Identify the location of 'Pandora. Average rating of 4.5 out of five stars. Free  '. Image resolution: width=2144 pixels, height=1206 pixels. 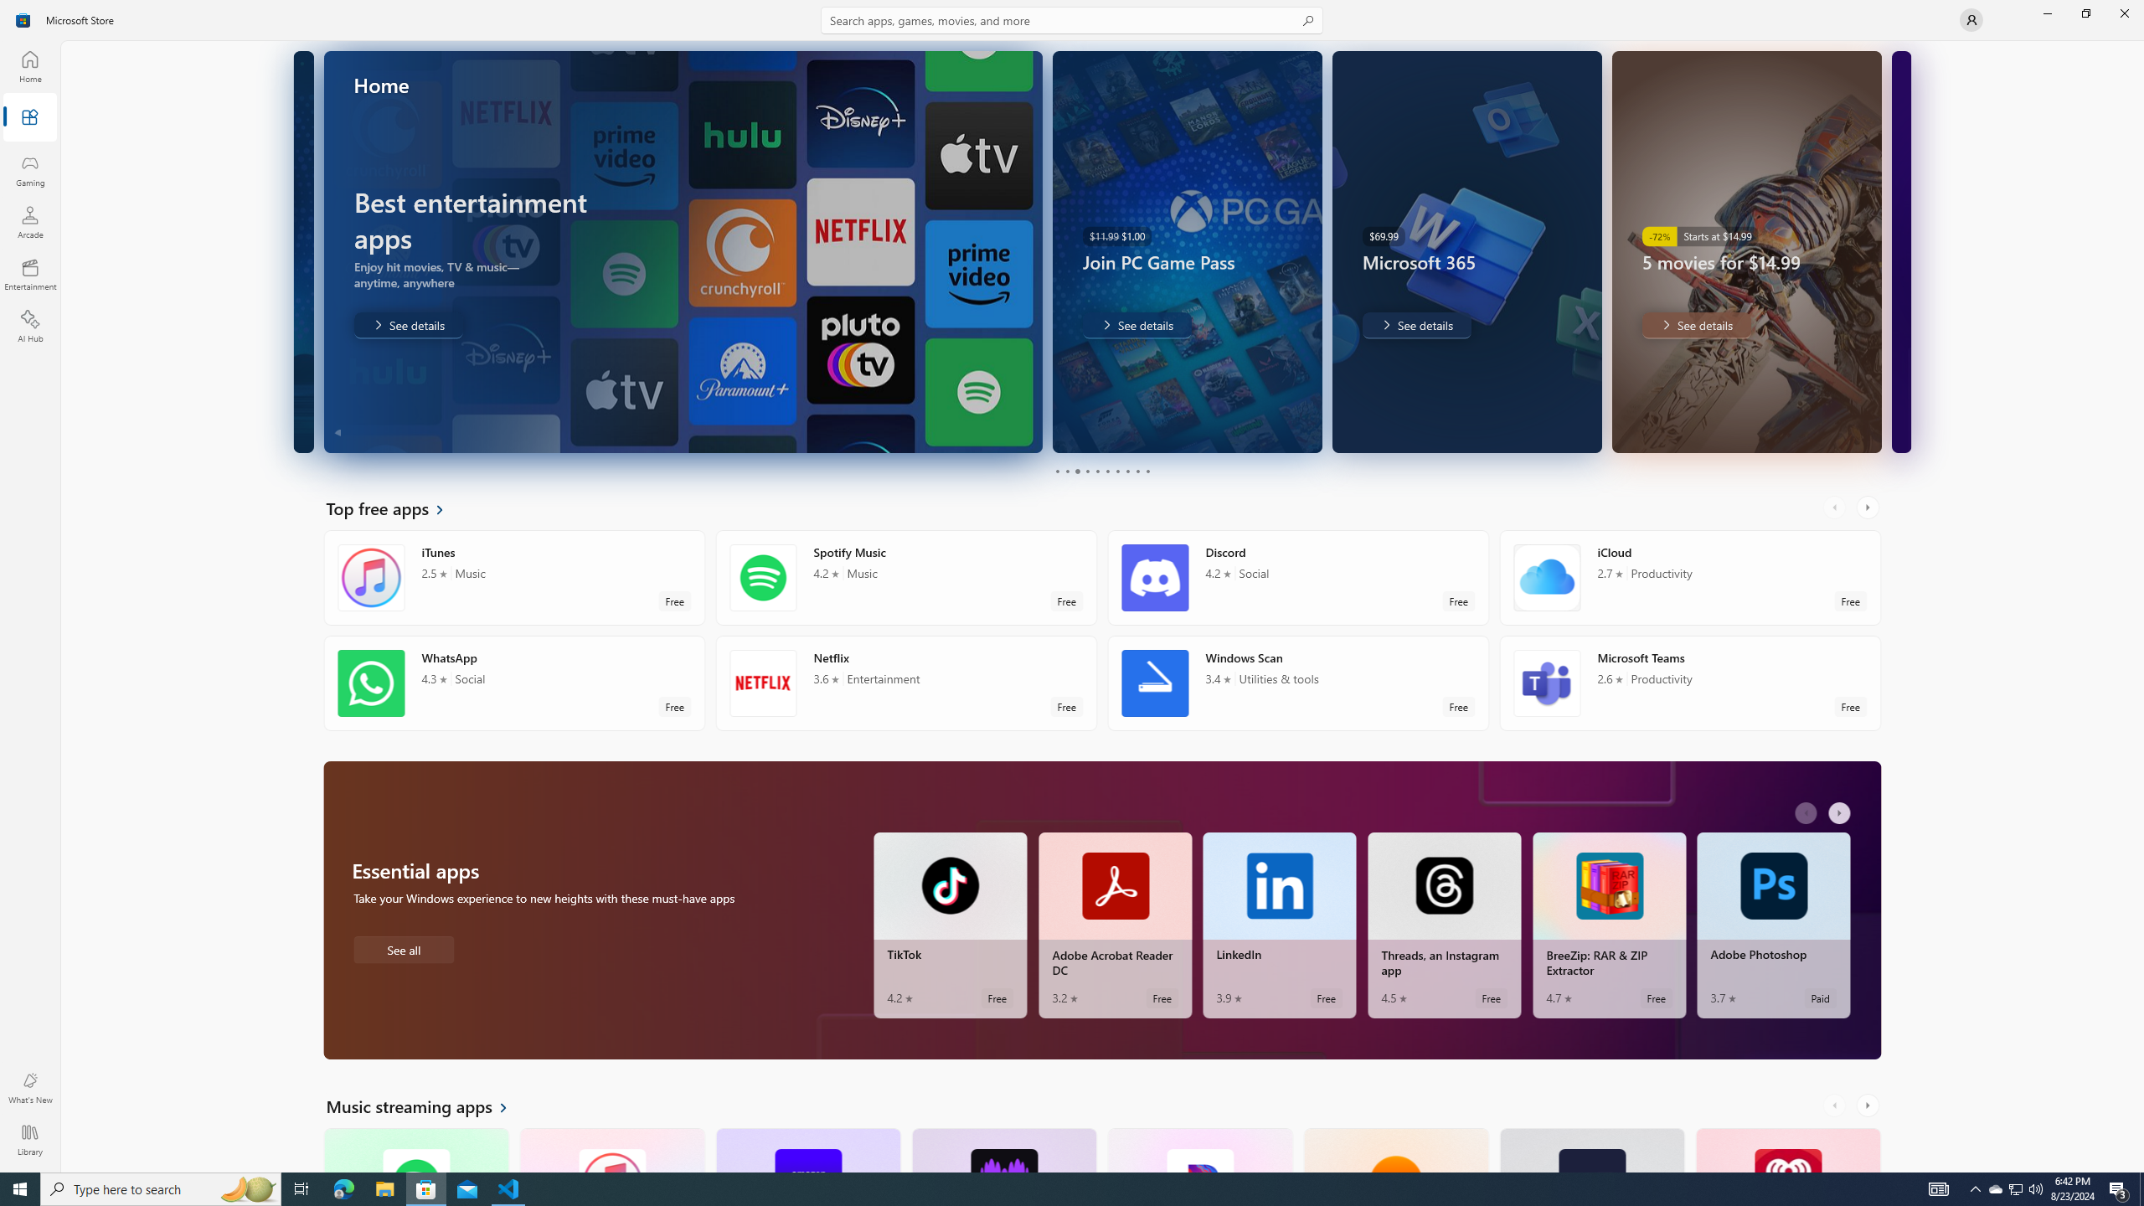
(1198, 1149).